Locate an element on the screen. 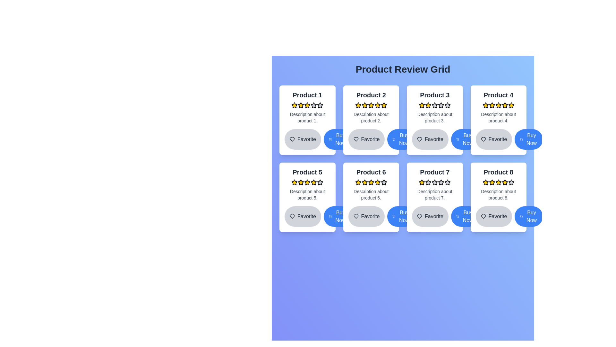 The height and width of the screenshot is (347, 616). the heart icon representing the 'Favorite' functionality in the product card for 'Product 3', located below the rating stars and product description is located at coordinates (420, 139).